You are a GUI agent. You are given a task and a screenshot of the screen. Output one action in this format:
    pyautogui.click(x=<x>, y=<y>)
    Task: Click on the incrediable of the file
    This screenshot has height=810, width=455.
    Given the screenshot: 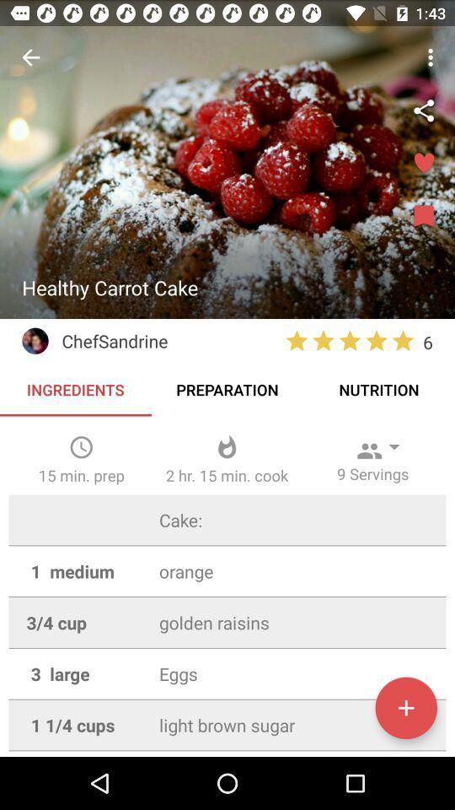 What is the action you would take?
    pyautogui.click(x=405, y=708)
    